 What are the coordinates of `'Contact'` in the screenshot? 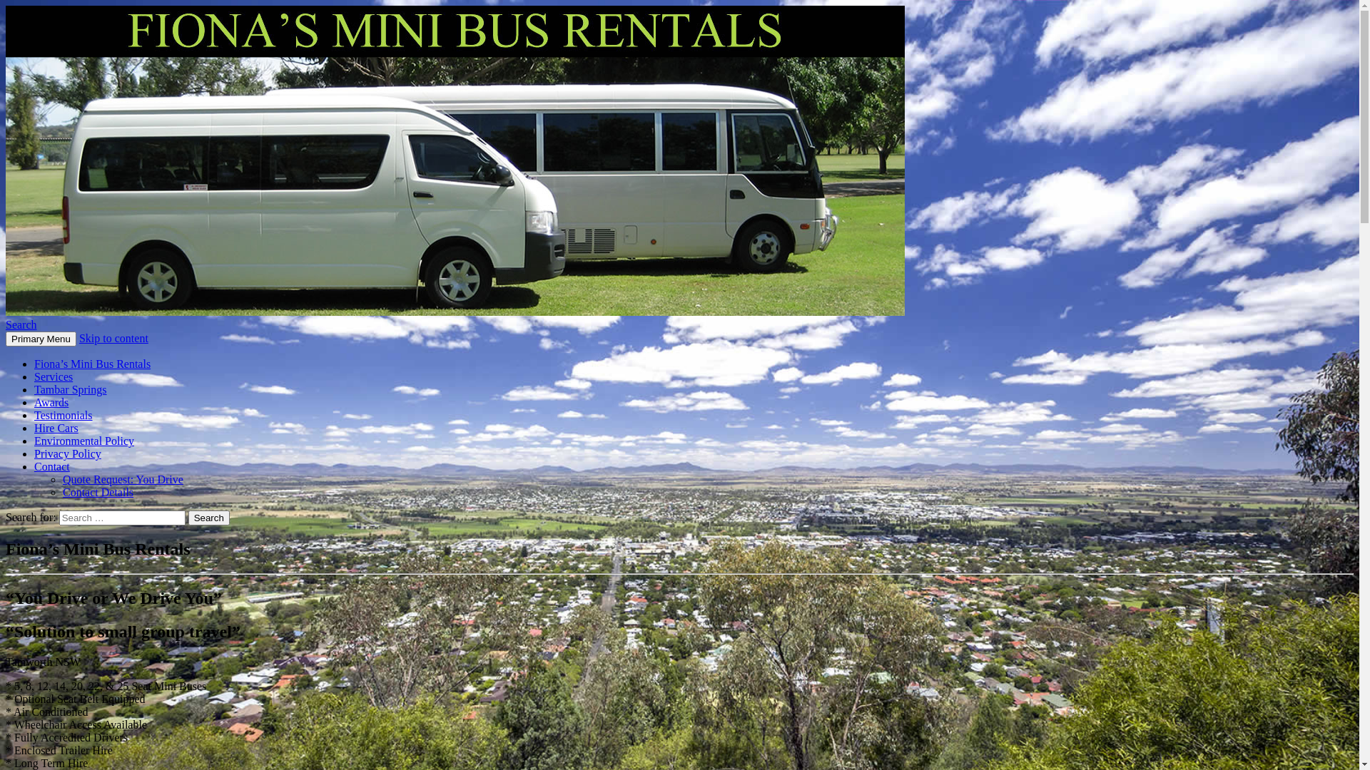 It's located at (51, 466).